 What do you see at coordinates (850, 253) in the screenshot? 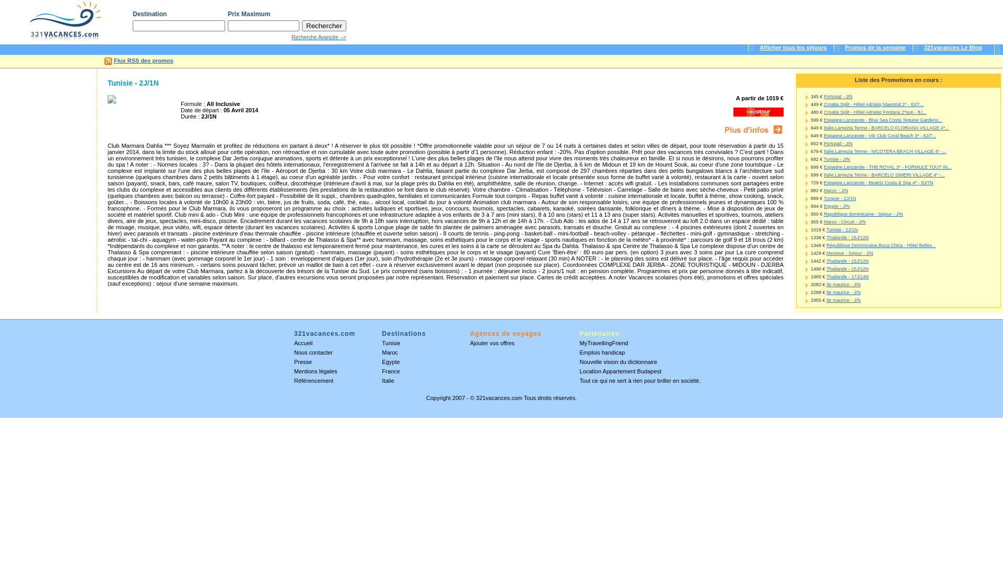
I see `'Mexique - Sejour - J/N'` at bounding box center [850, 253].